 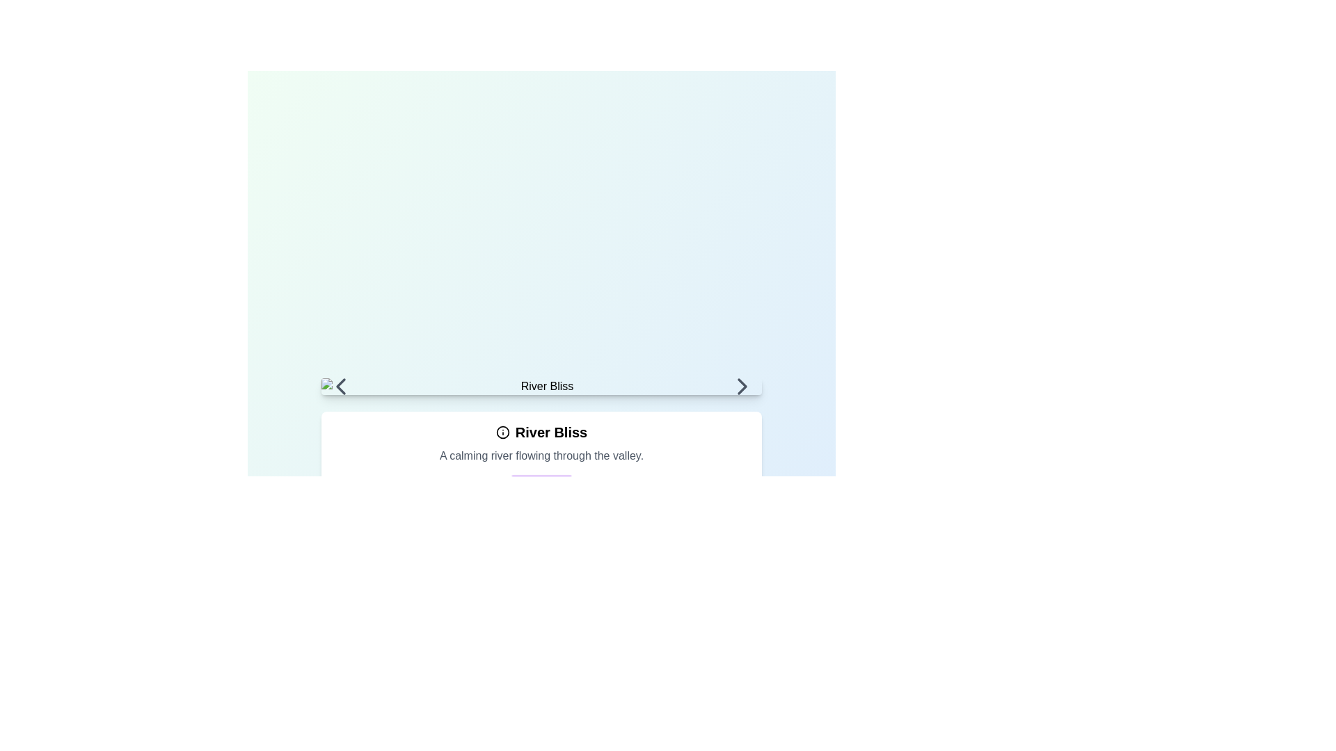 I want to click on the small triangular chevron icon pointing to the right, located to the right of the text 'River Bliss' in the horizontal navigation bar, so click(x=742, y=386).